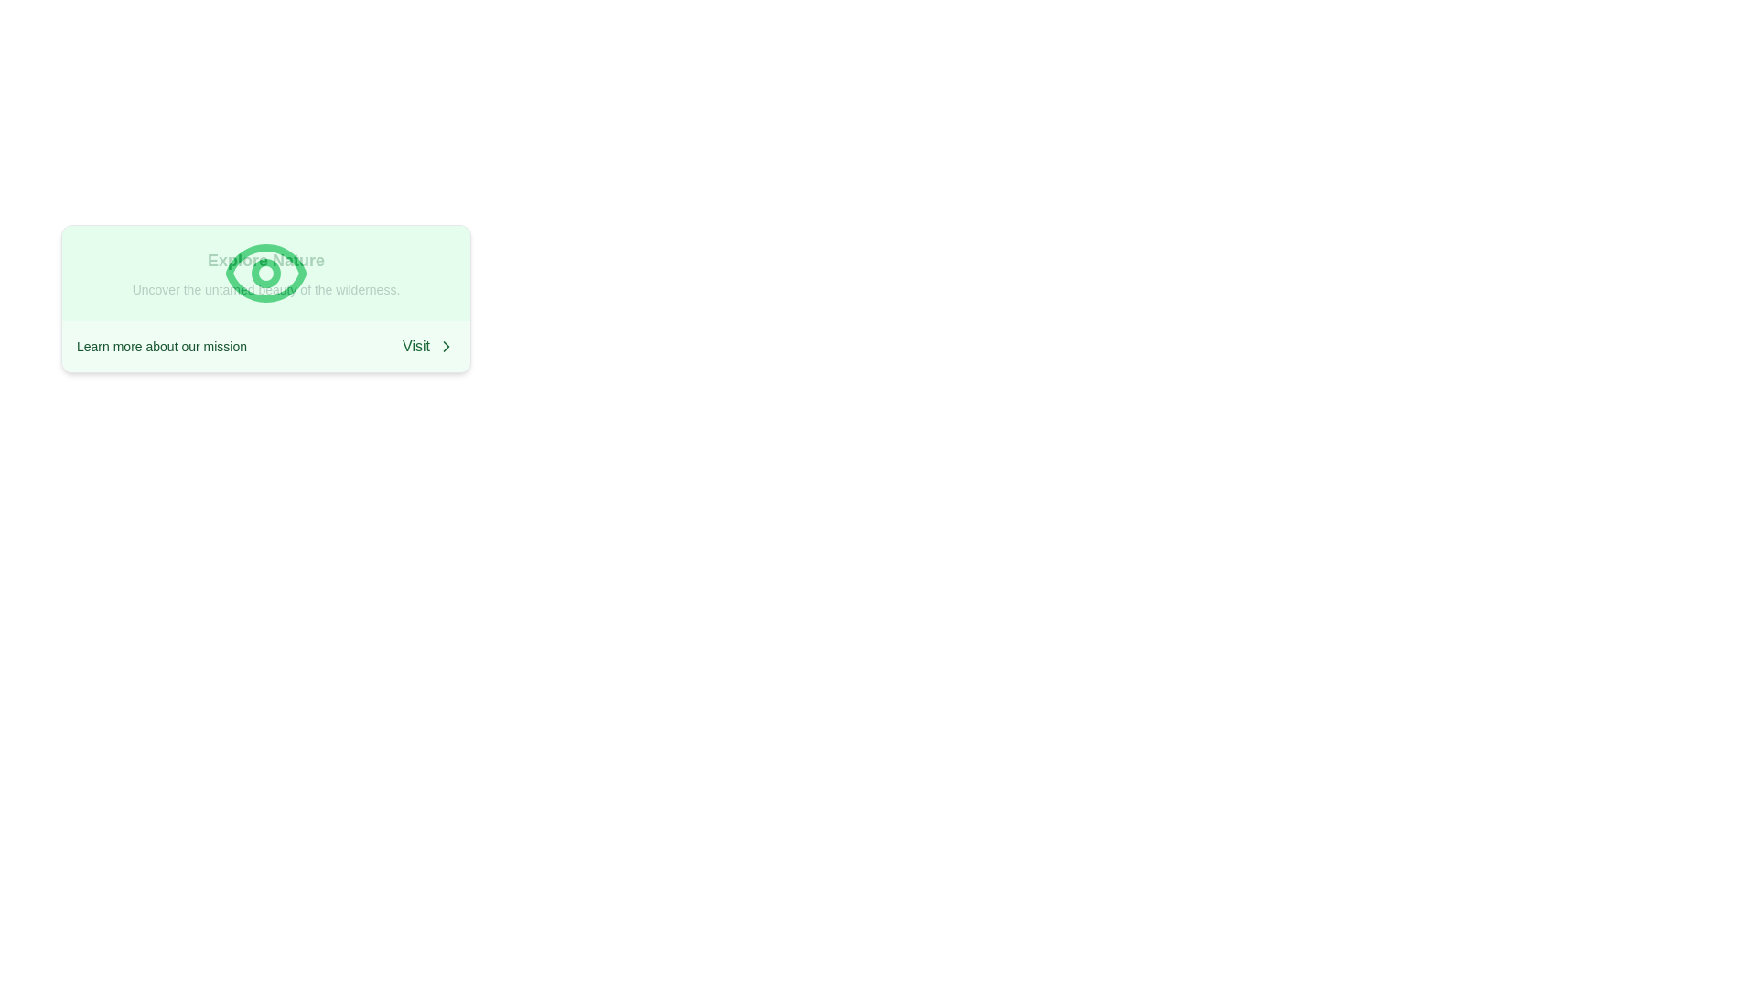 This screenshot has width=1757, height=988. What do you see at coordinates (265, 274) in the screenshot?
I see `the Icon or graphical representation that symbolizes observation or discovery, located within the green-tinted card layout next to the text 'Explore Nature'` at bounding box center [265, 274].